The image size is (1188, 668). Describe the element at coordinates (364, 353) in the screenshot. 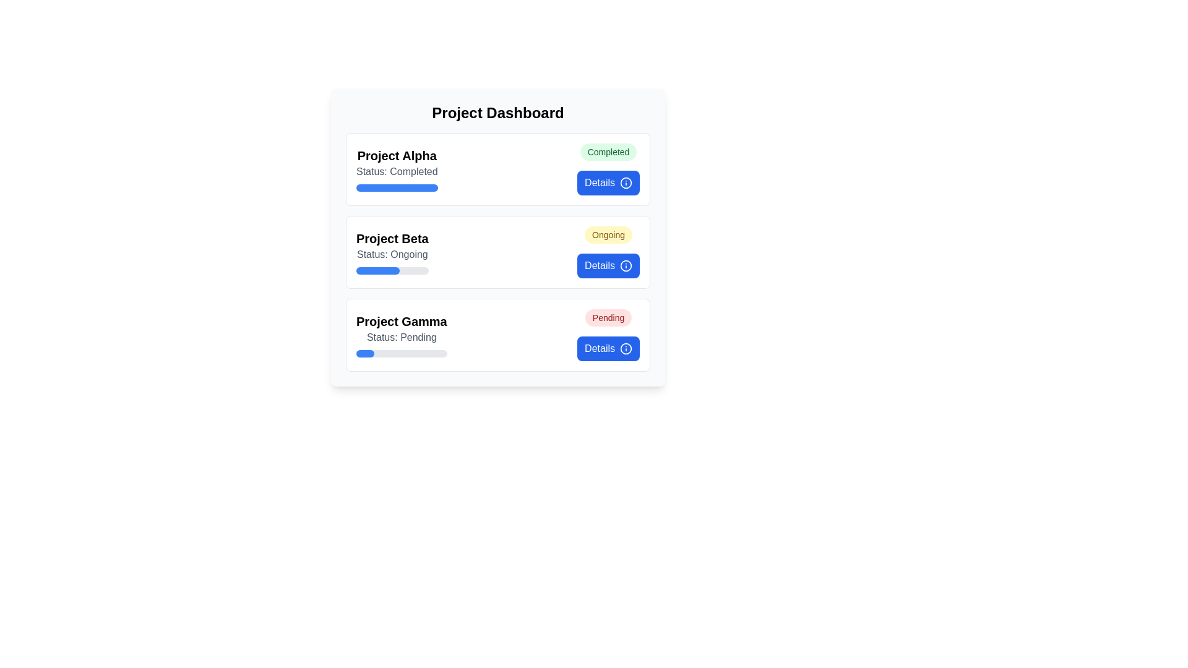

I see `style properties of the progress bar segment indicating 20% completion for Project Gamma, located in the third section of the progress bar` at that location.